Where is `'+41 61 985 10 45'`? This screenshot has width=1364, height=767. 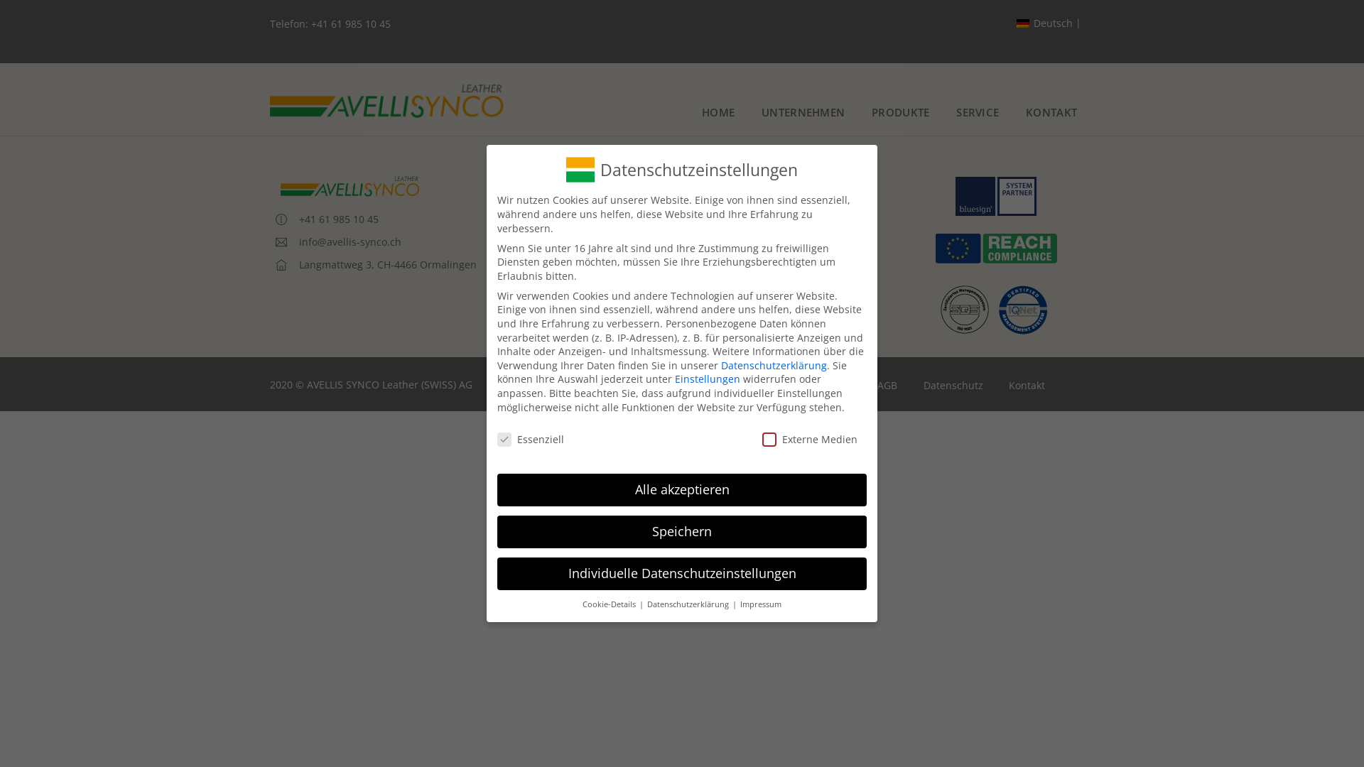 '+41 61 985 10 45' is located at coordinates (351, 23).